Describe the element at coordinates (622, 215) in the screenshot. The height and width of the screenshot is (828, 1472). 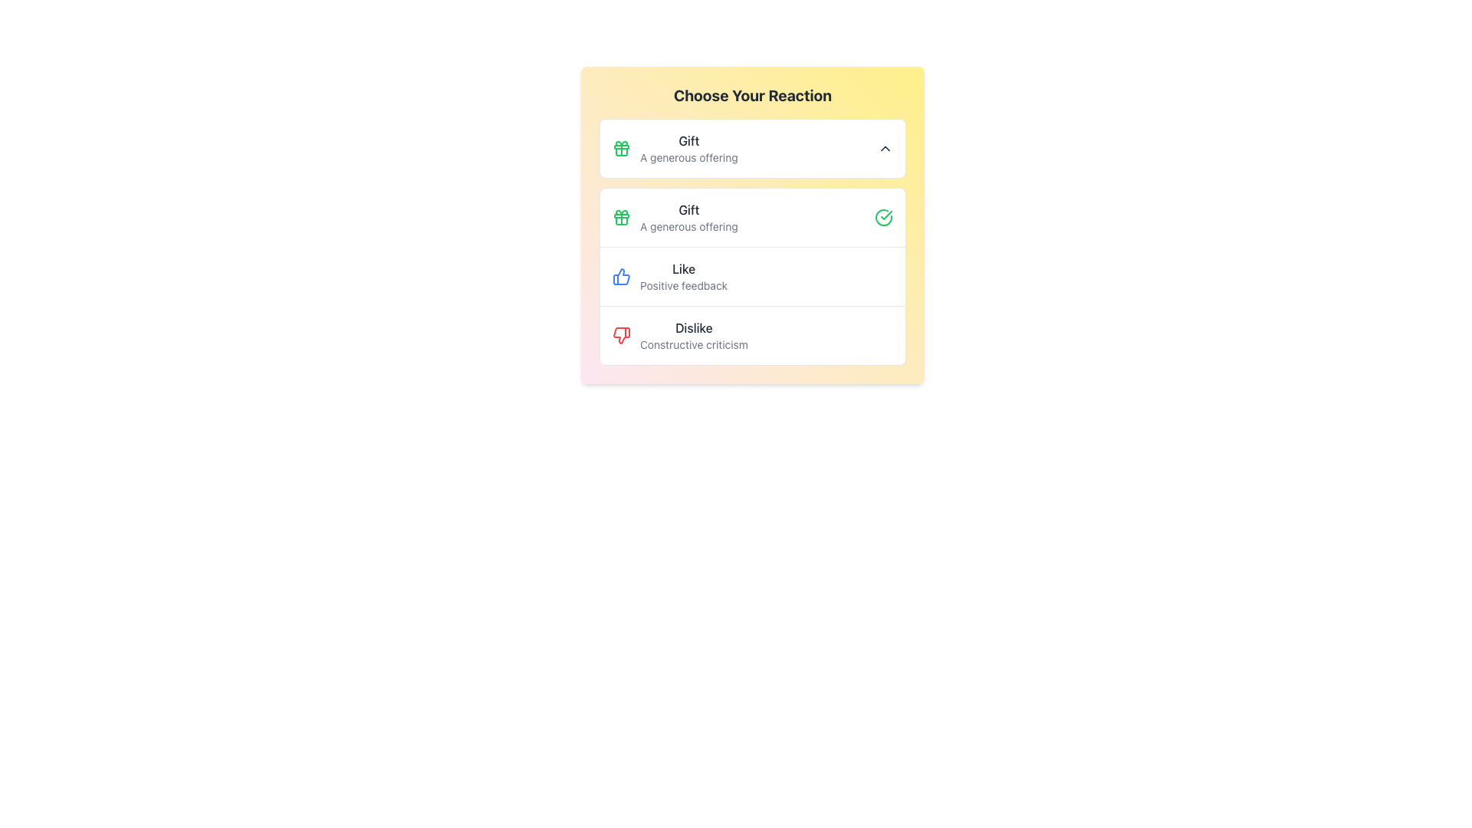
I see `the horizontal green rectangle with rounded corners that forms the base of the 'Gift' icon in the second listed reaction option` at that location.